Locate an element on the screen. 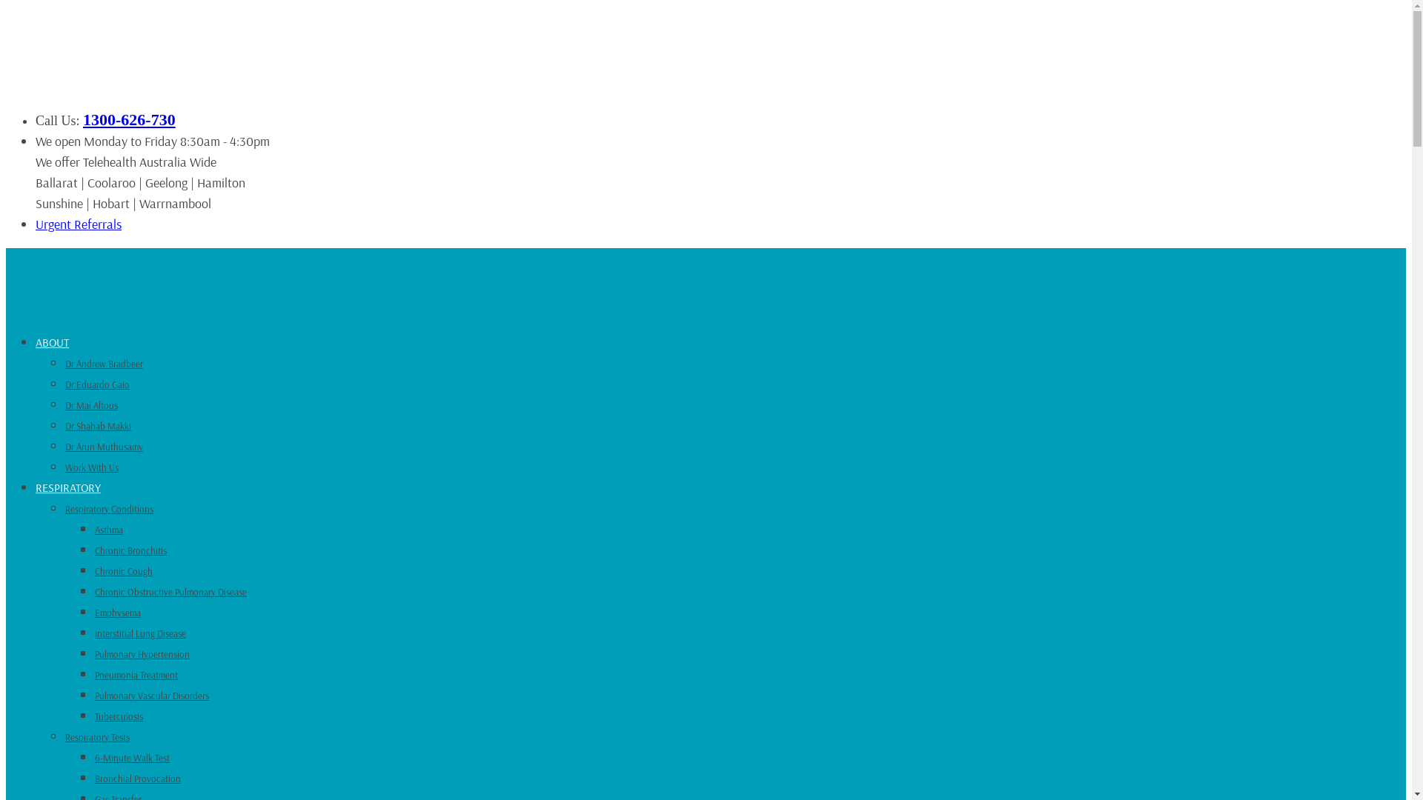 The image size is (1423, 800). 'RESPIRATORY' is located at coordinates (67, 487).